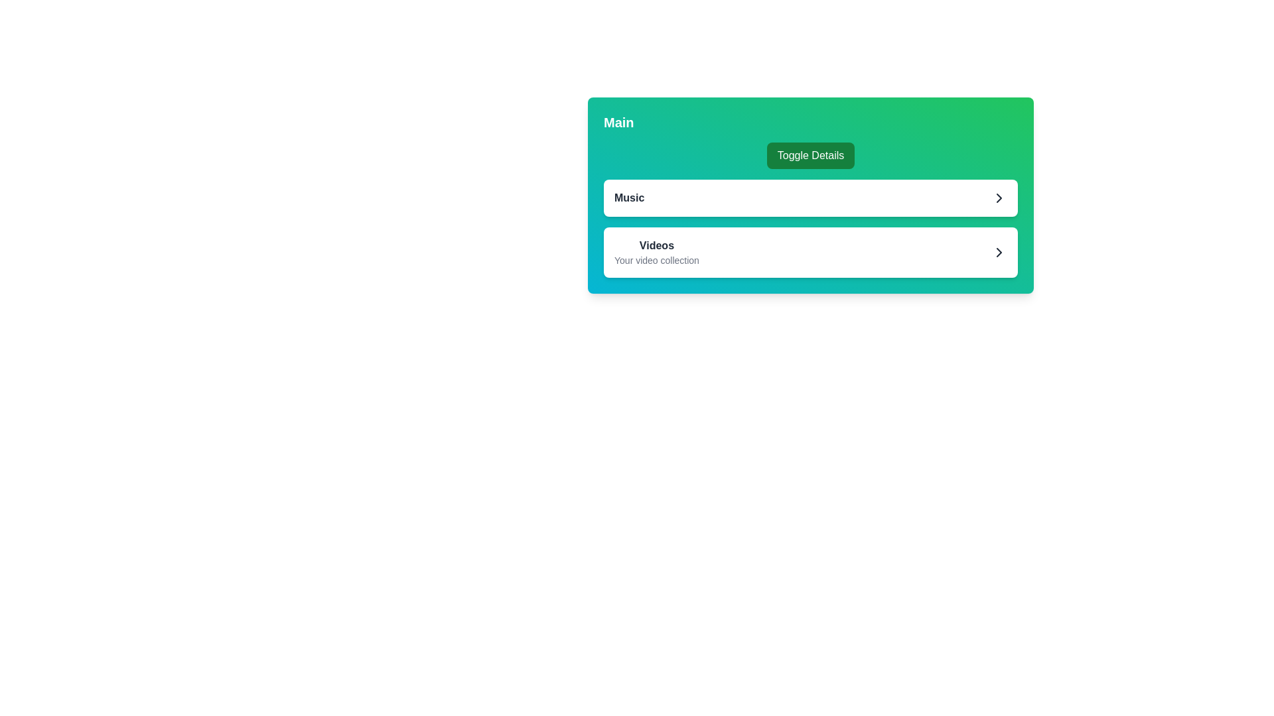 The image size is (1274, 716). Describe the element at coordinates (618, 123) in the screenshot. I see `the heading text element located at the top-left corner of the card component` at that location.